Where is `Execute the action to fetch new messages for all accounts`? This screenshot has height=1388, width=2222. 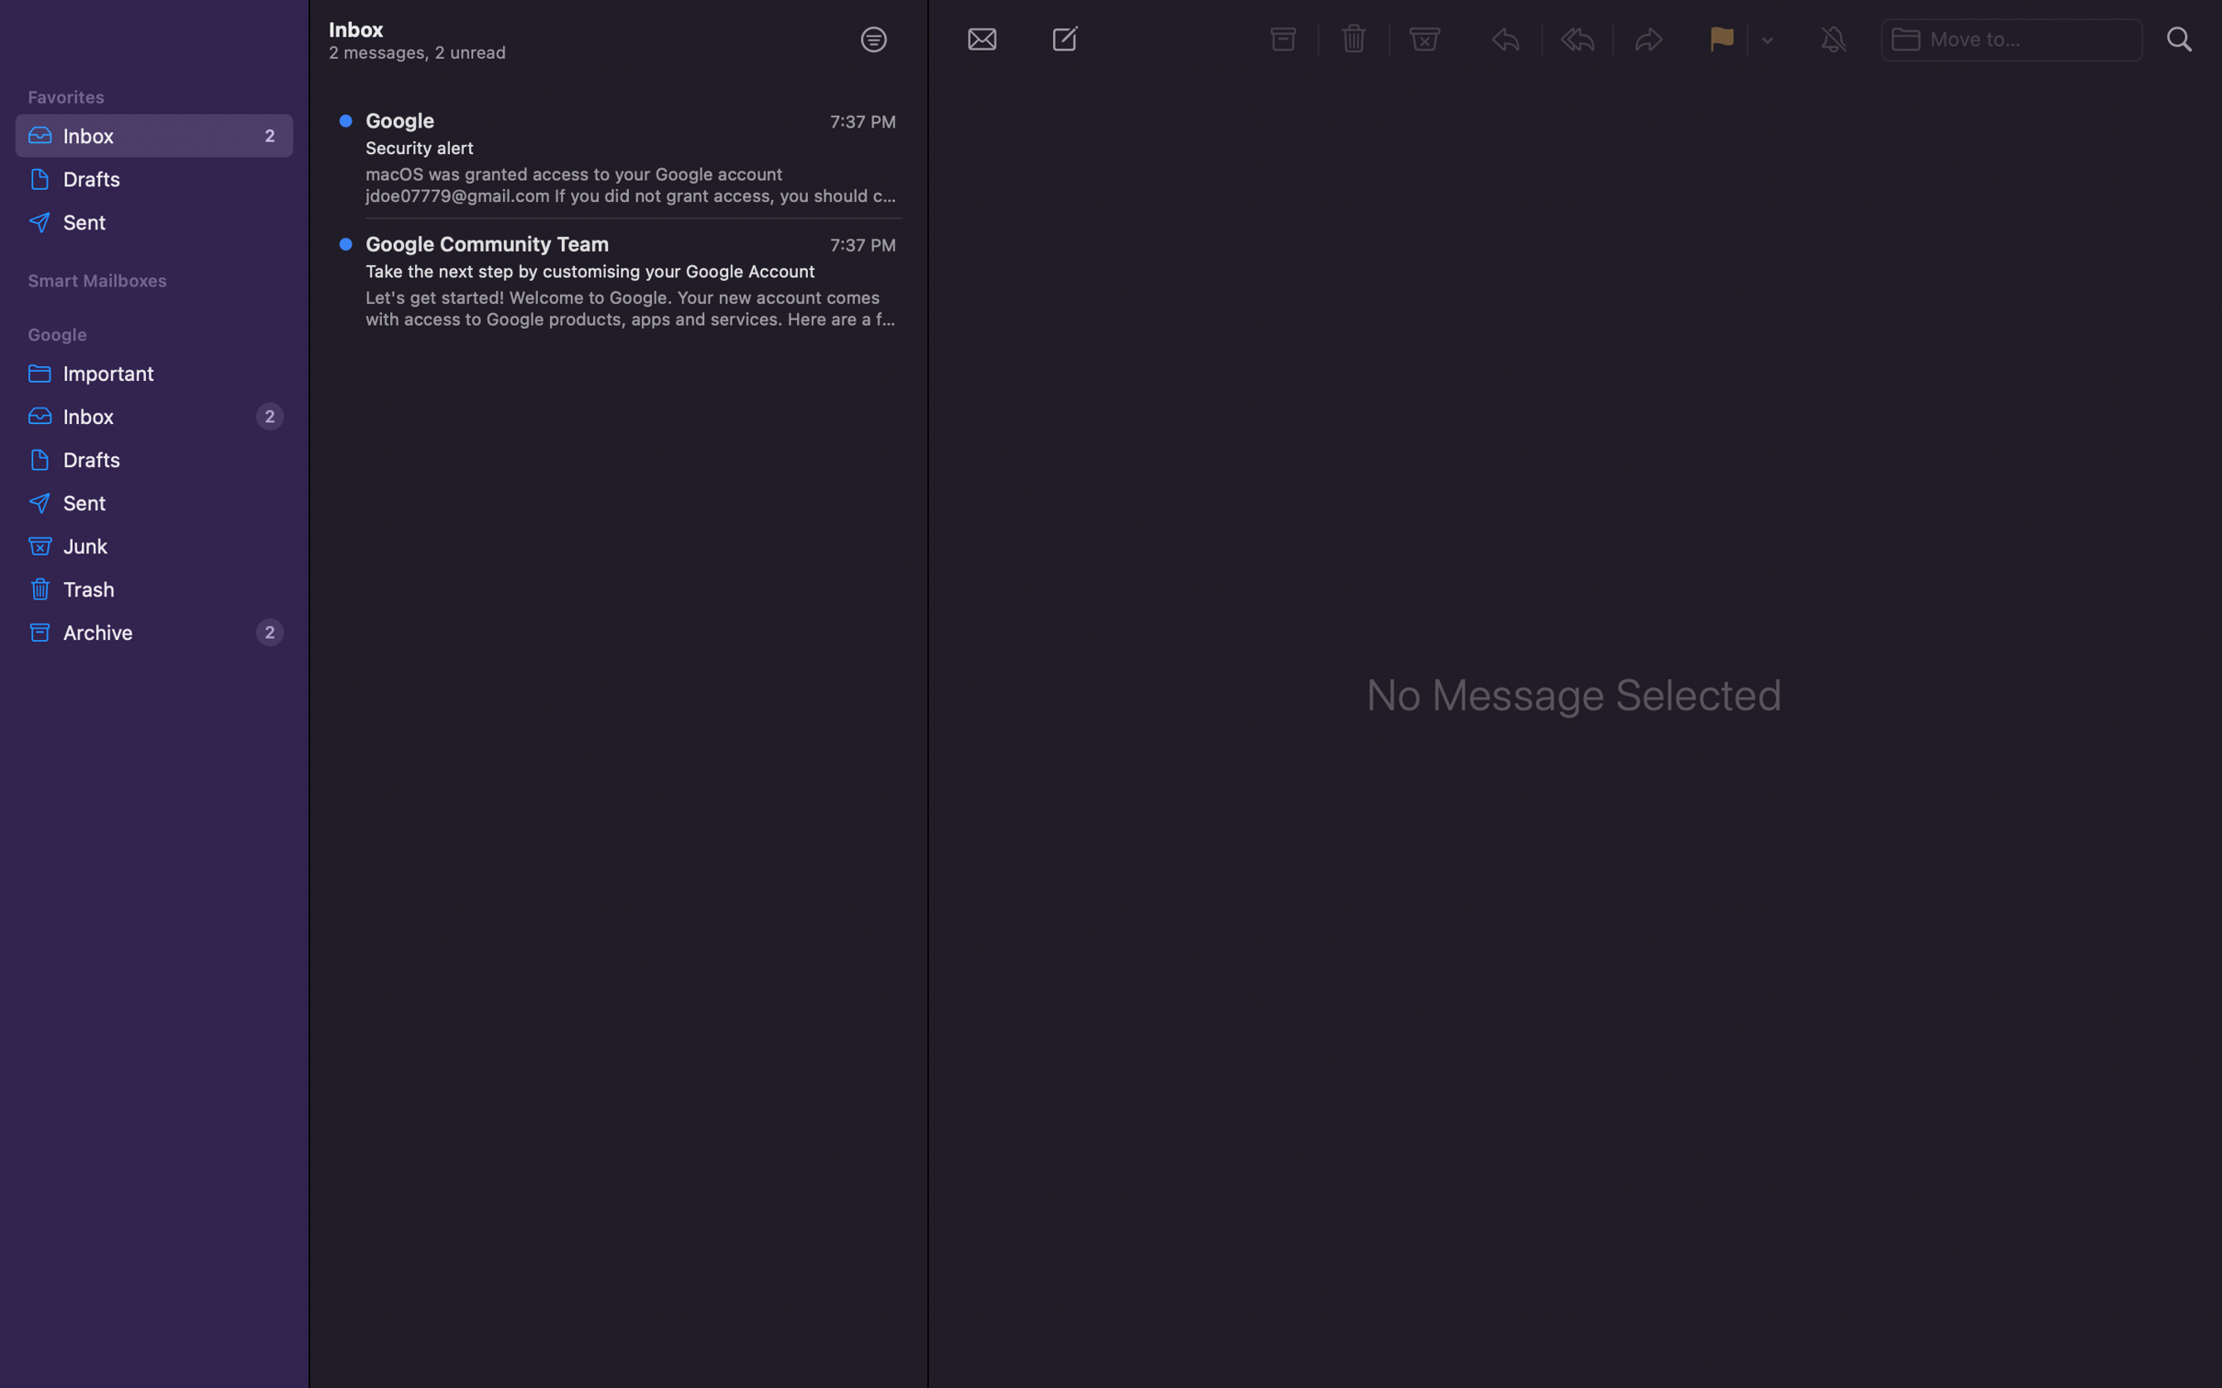
Execute the action to fetch new messages for all accounts is located at coordinates (981, 38).